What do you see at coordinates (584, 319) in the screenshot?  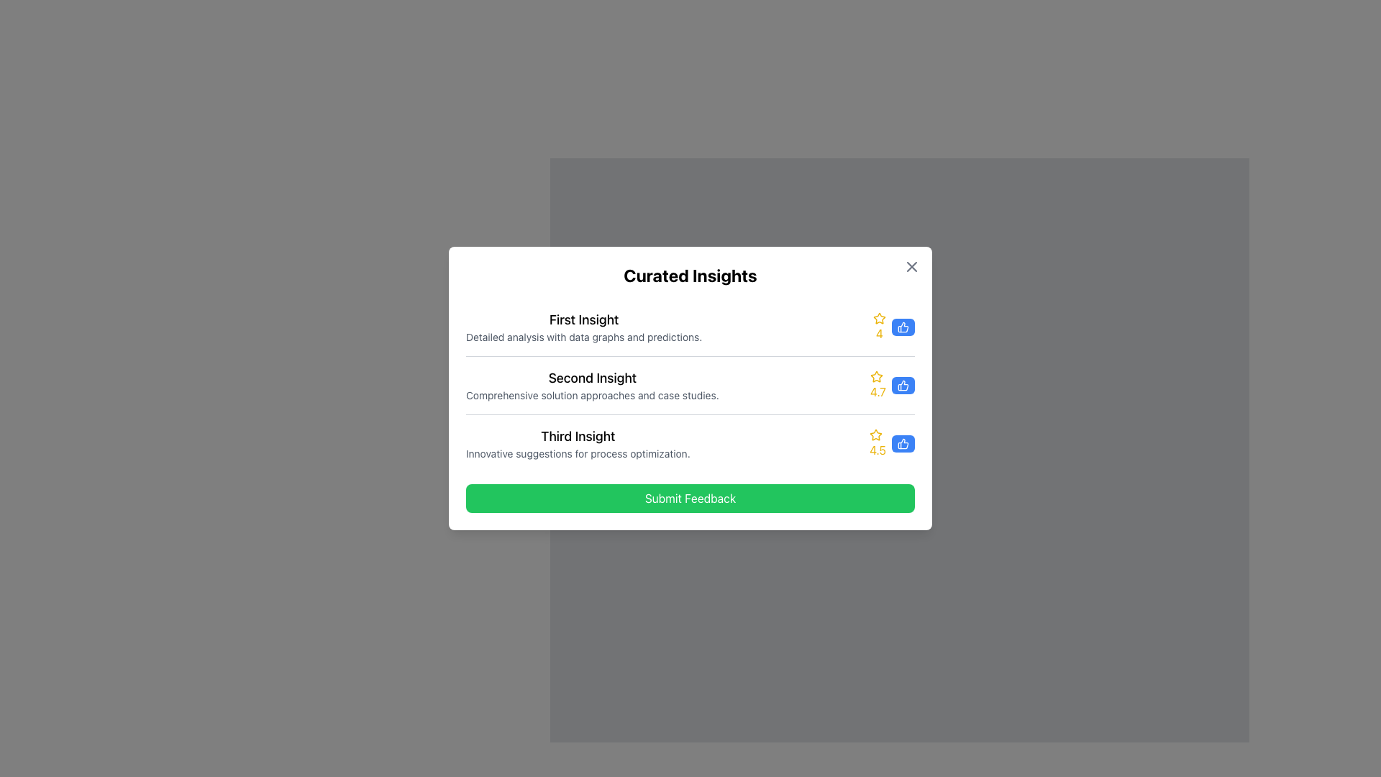 I see `static text header that serves as the title for the first section within the 'Curated Insights' modal, located near the top of the content section` at bounding box center [584, 319].